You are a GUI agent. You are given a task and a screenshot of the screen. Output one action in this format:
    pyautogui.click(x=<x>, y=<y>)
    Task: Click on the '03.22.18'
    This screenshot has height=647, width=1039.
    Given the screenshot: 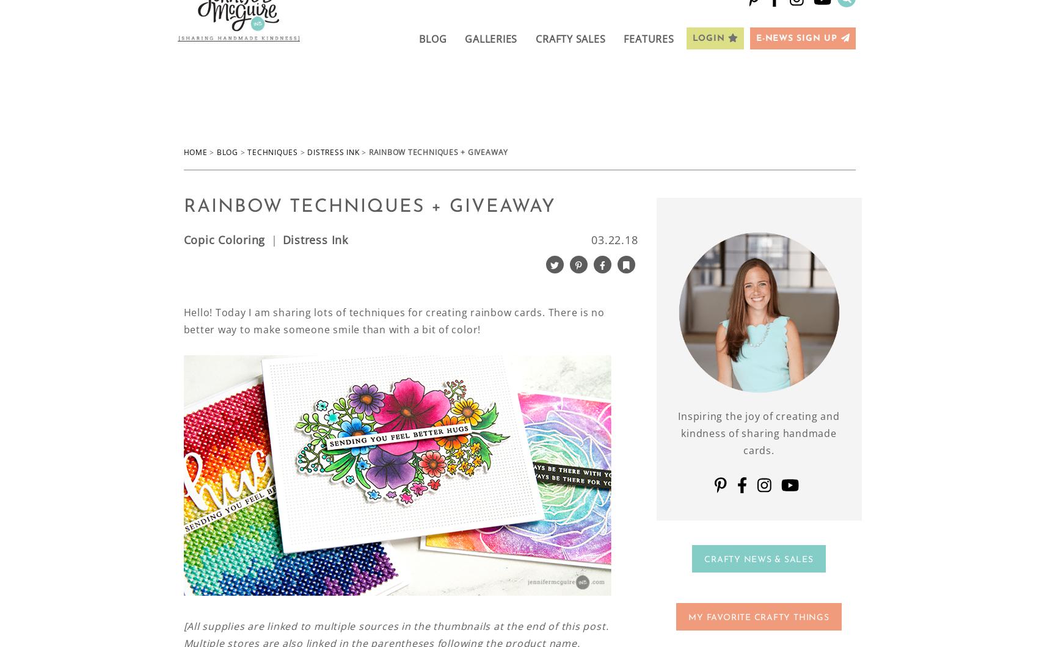 What is the action you would take?
    pyautogui.click(x=614, y=239)
    